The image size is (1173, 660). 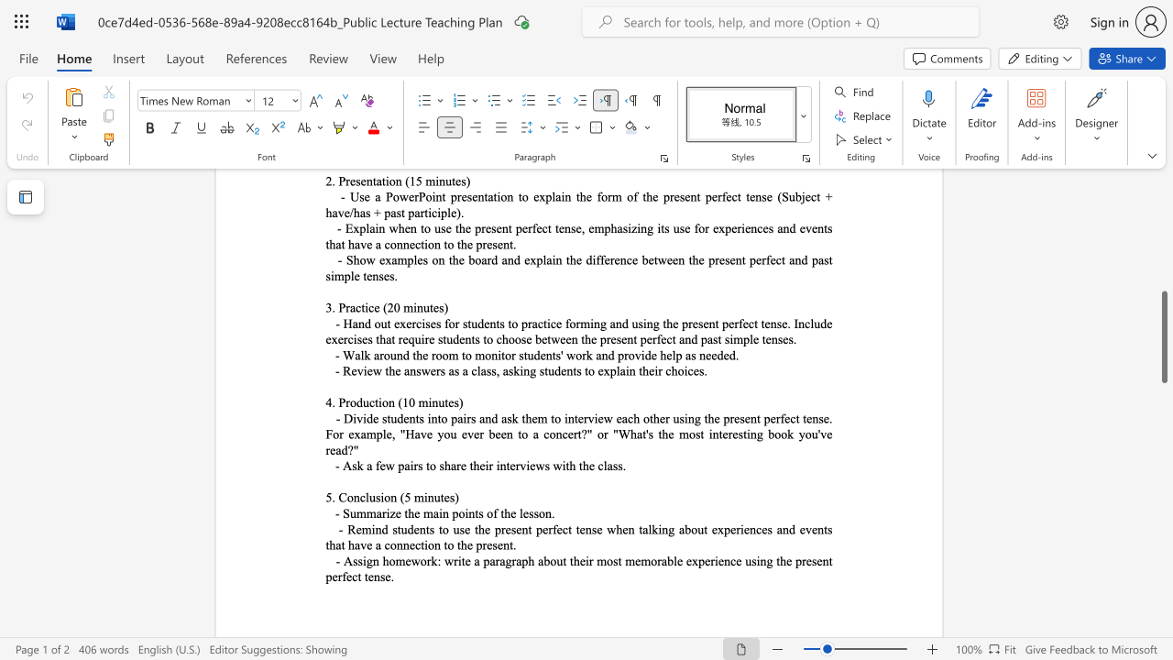 What do you see at coordinates (584, 560) in the screenshot?
I see `the subset text "ir most" within the text "- Assign homework: write a paragraph about their most memorable experience using the present perfect tense."` at bounding box center [584, 560].